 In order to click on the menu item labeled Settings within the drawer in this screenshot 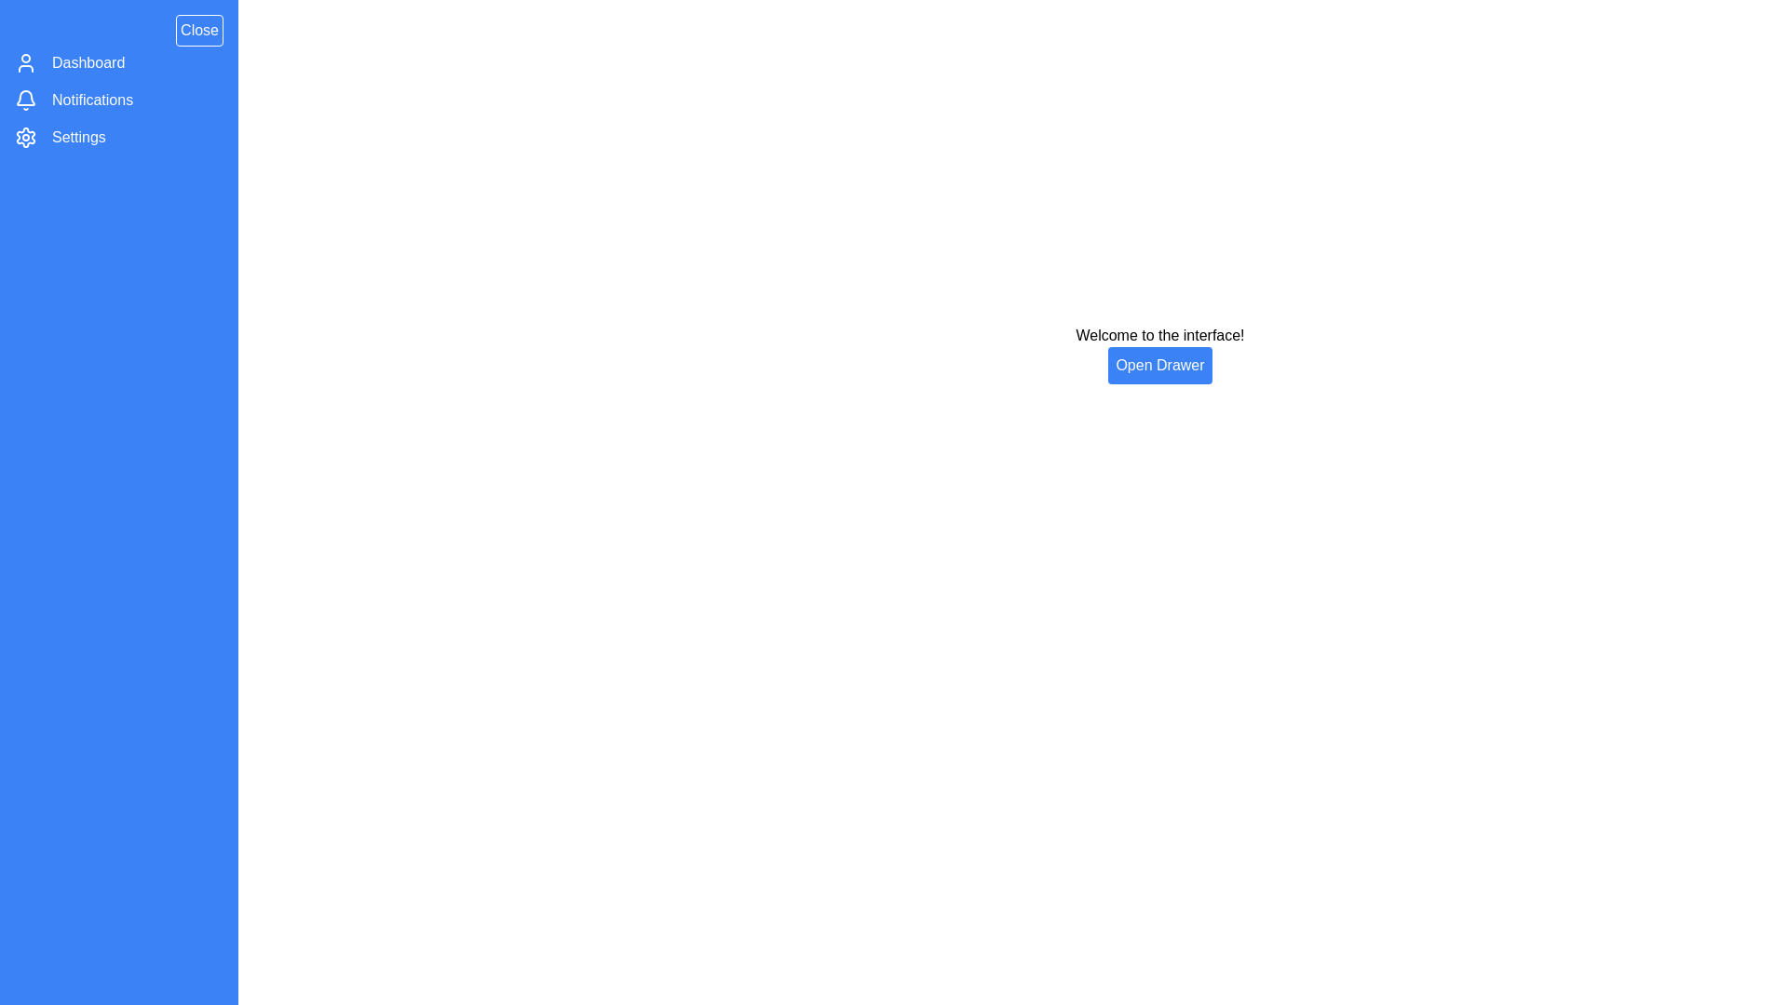, I will do `click(78, 136)`.